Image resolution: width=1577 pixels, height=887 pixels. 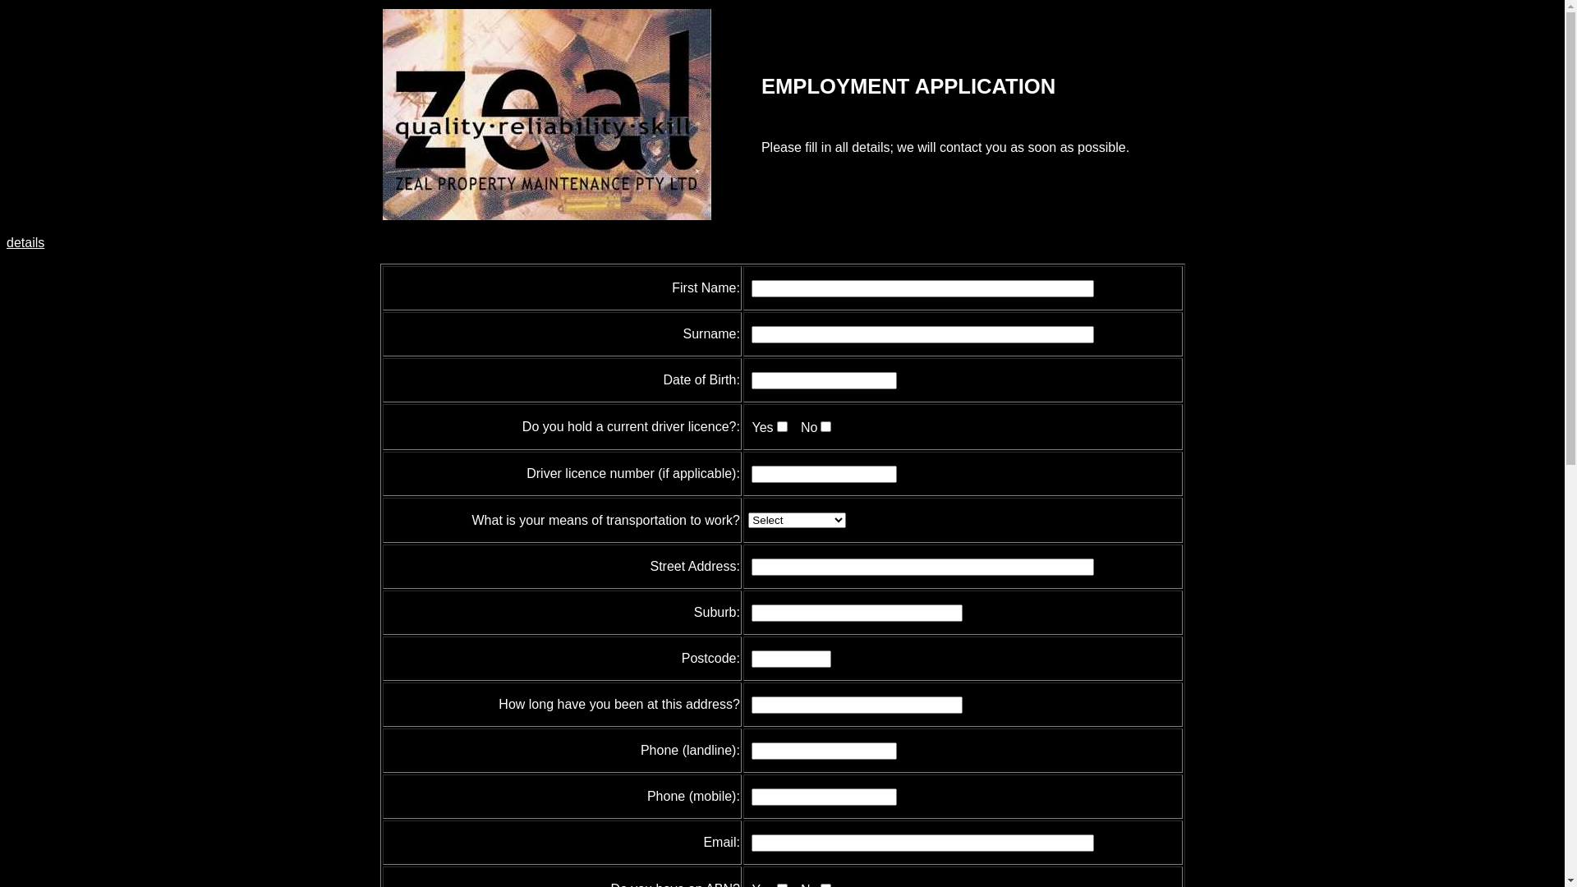 What do you see at coordinates (25, 242) in the screenshot?
I see `'details'` at bounding box center [25, 242].